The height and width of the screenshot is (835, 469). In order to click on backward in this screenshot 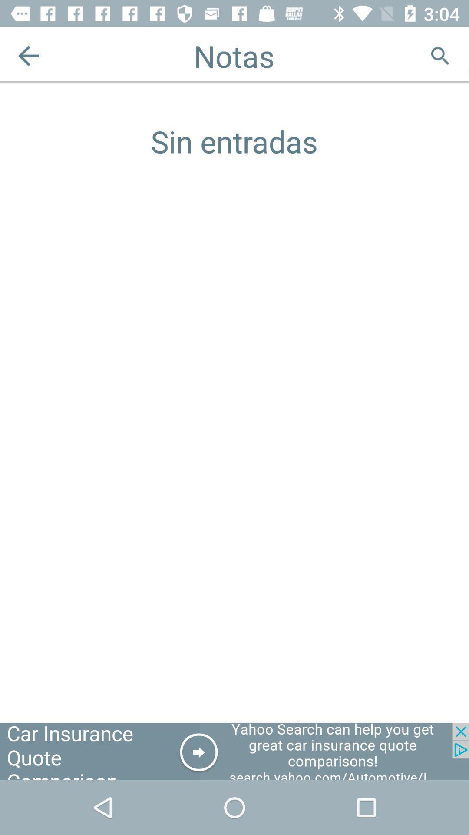, I will do `click(28, 55)`.